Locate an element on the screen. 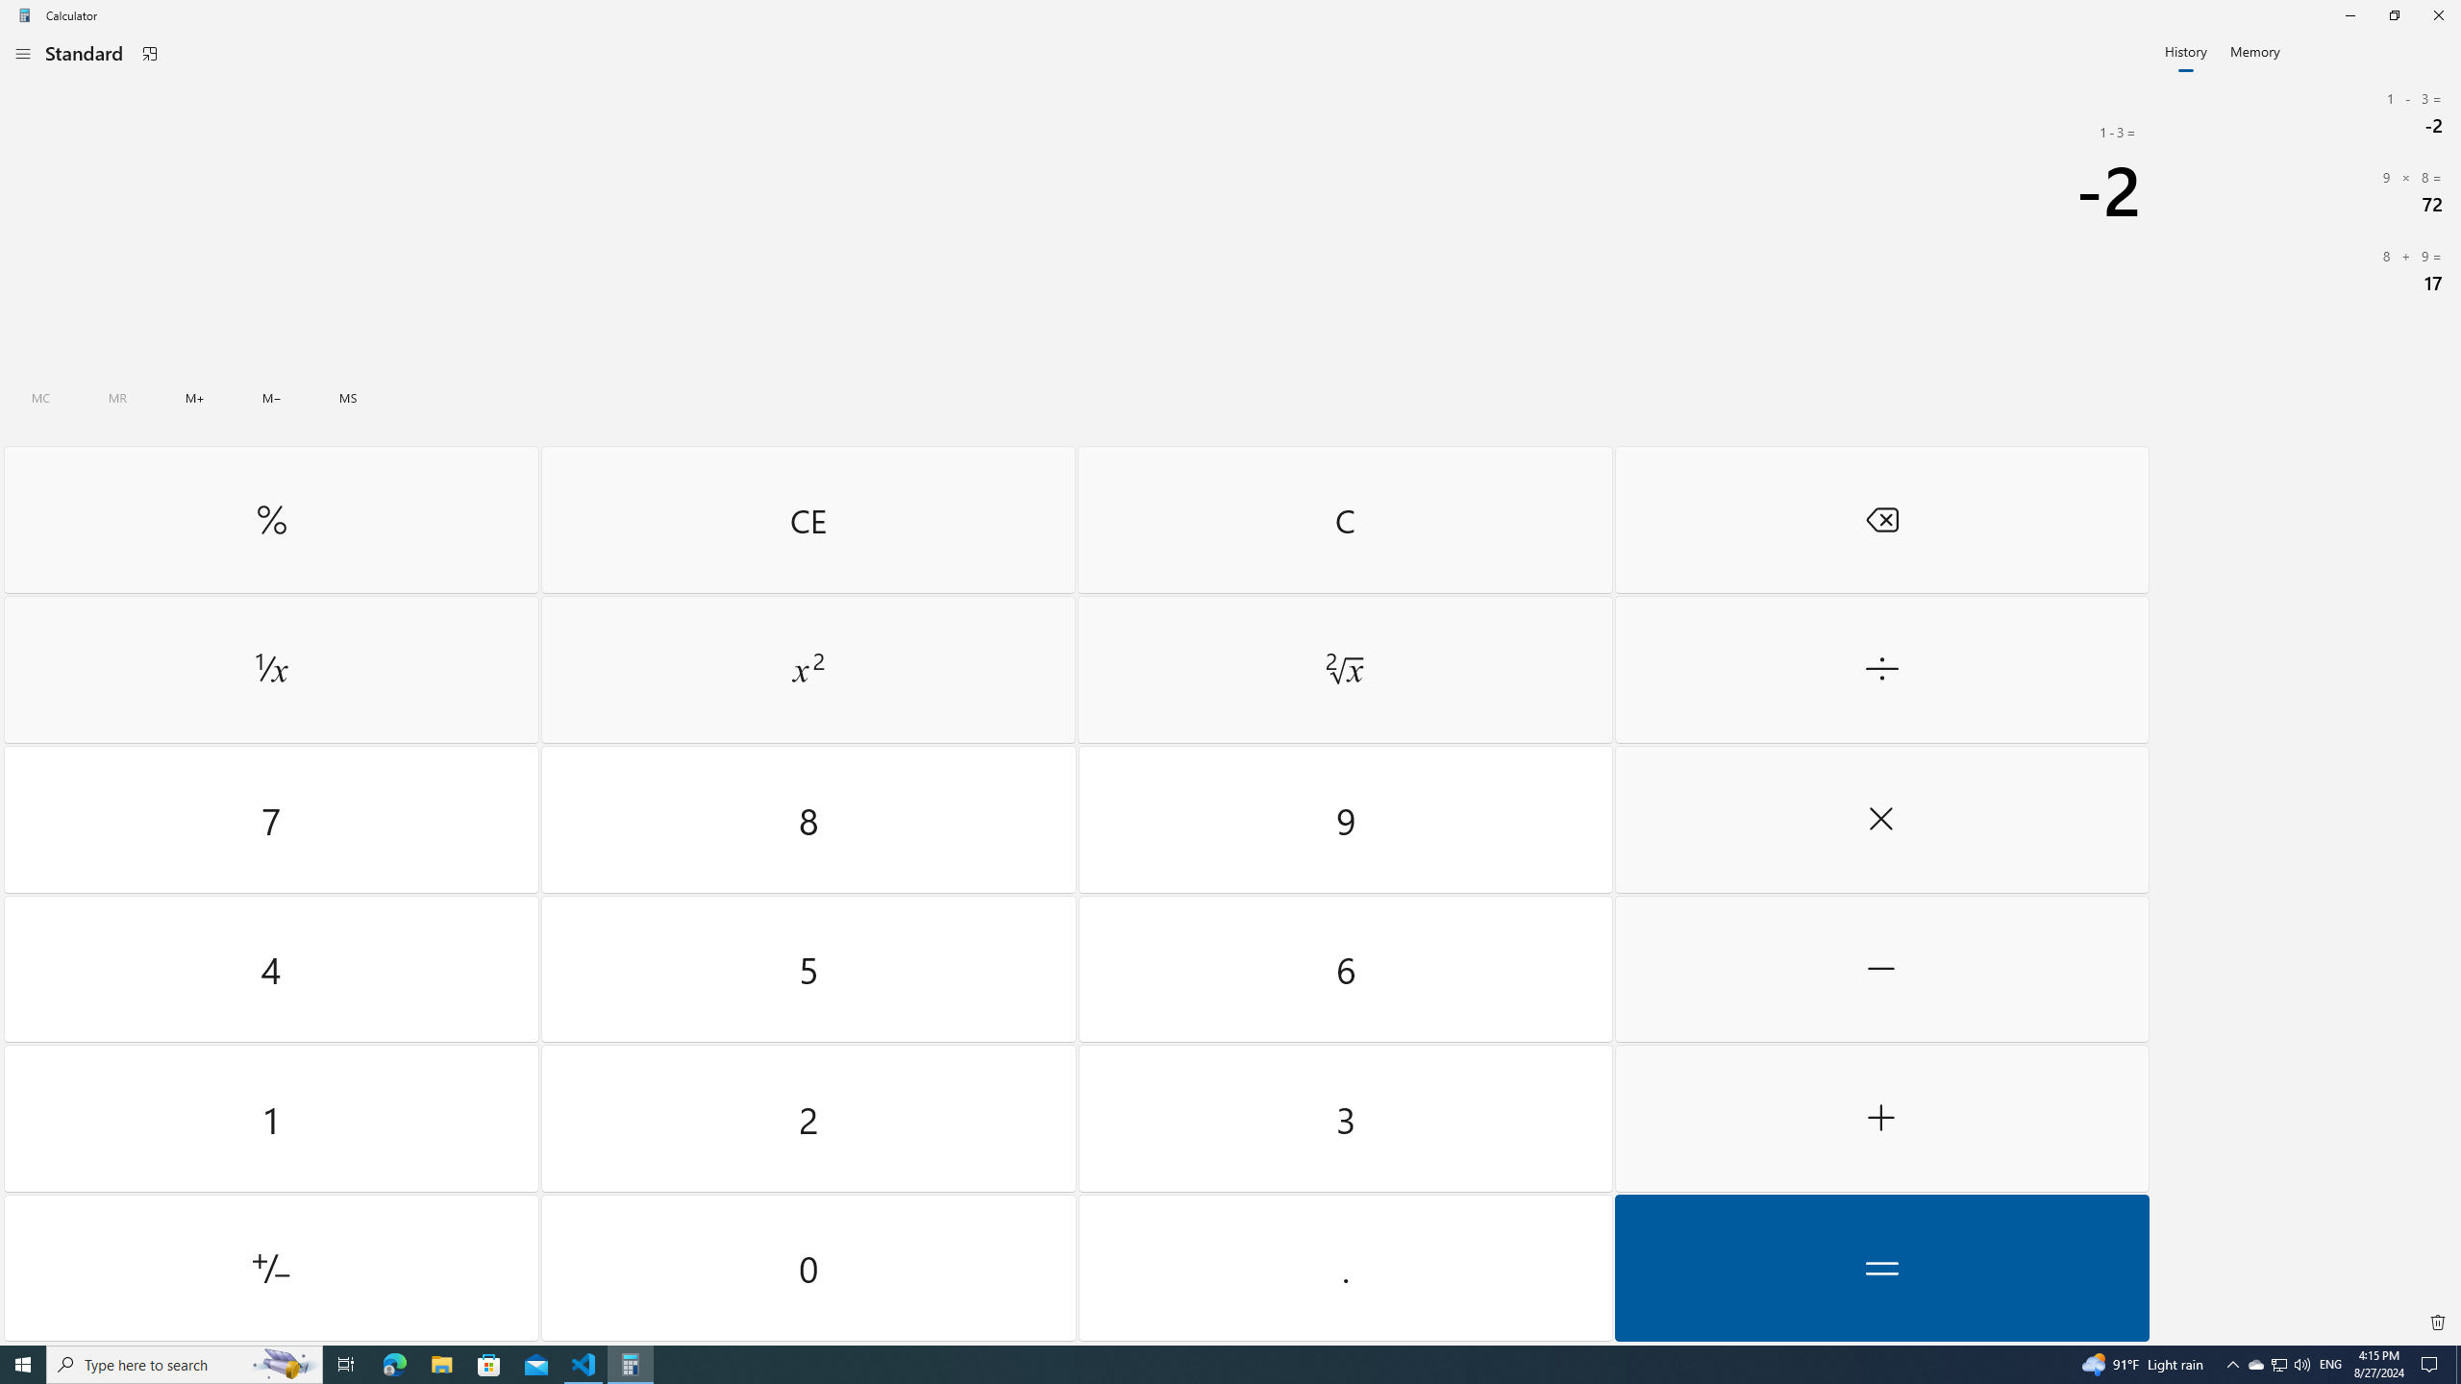 This screenshot has height=1384, width=2461. 'Visual Studio Code - 1 running window' is located at coordinates (584, 1363).